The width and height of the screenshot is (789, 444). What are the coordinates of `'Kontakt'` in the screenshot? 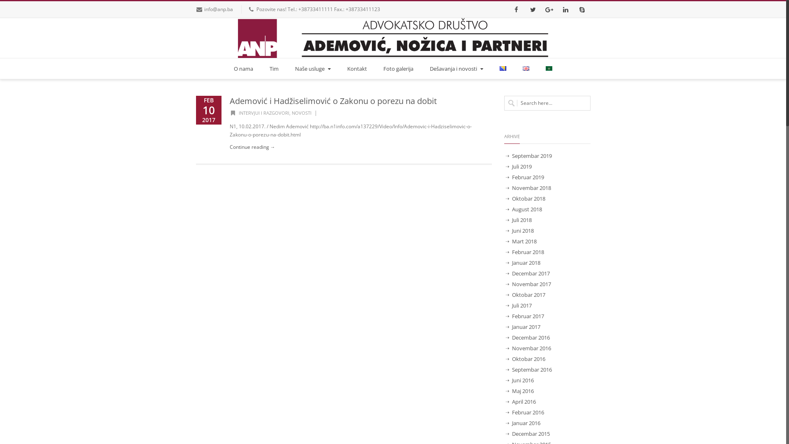 It's located at (357, 68).